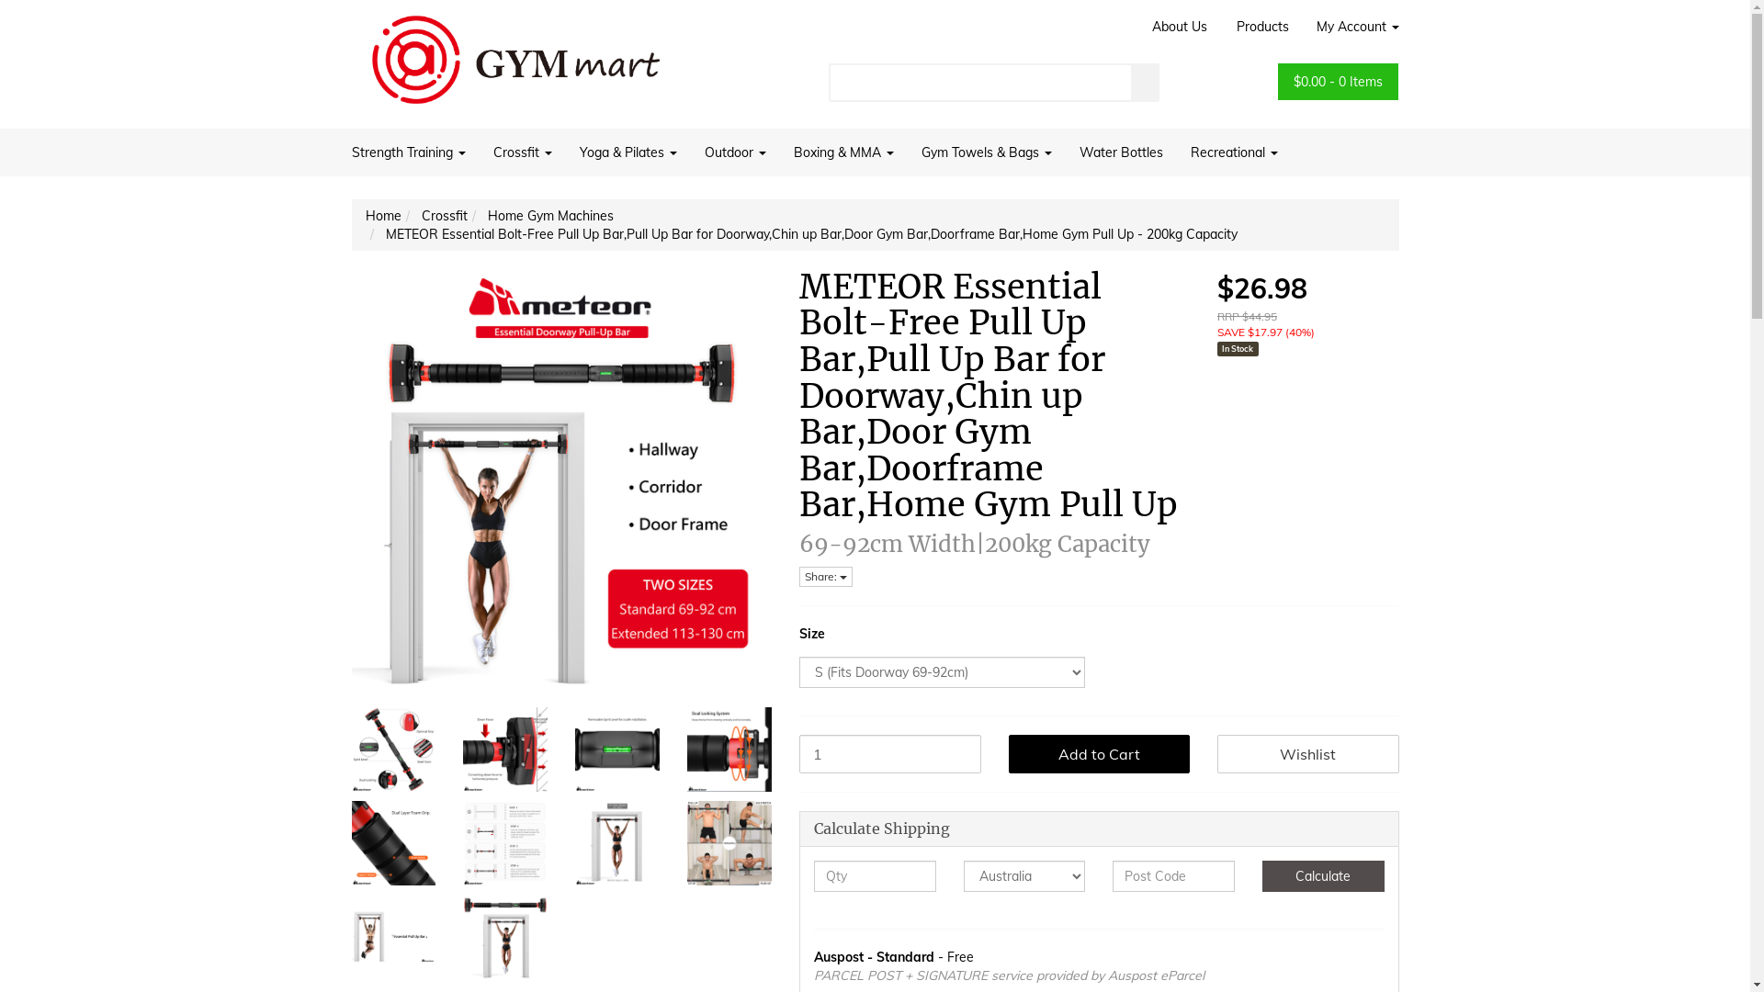 The width and height of the screenshot is (1764, 992). What do you see at coordinates (986, 151) in the screenshot?
I see `'Gym Towels & Bags'` at bounding box center [986, 151].